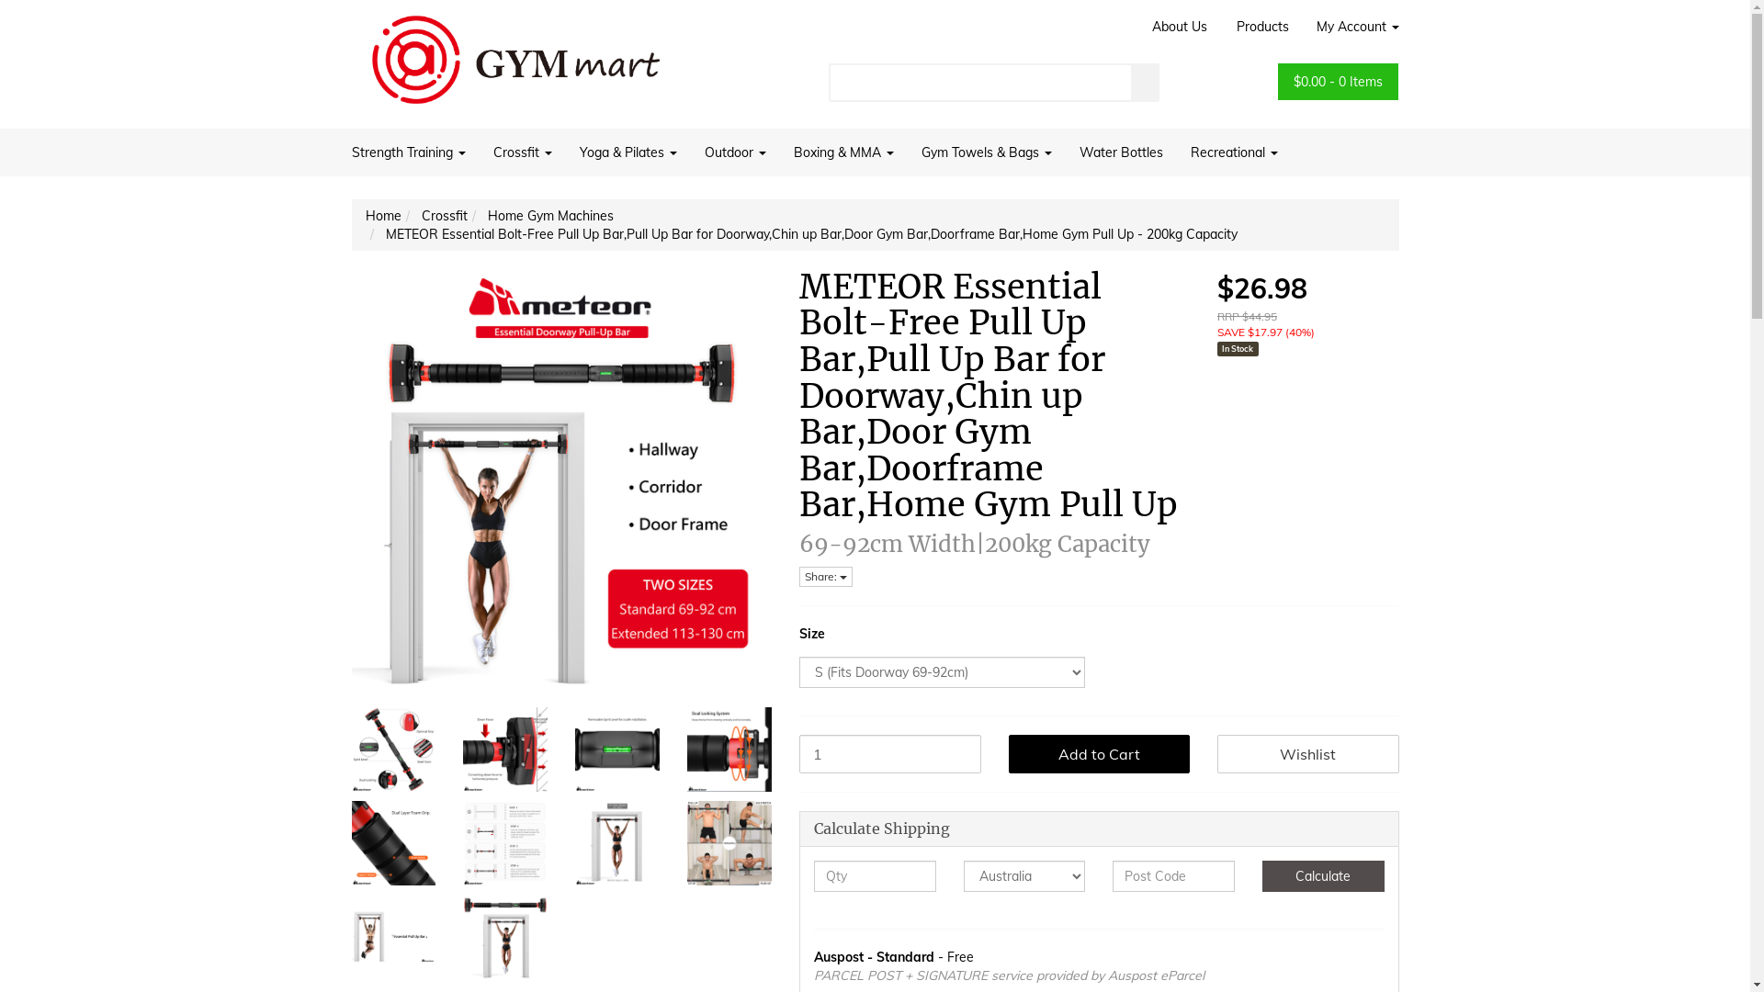 The width and height of the screenshot is (1764, 992). What do you see at coordinates (986, 151) in the screenshot?
I see `'Gym Towels & Bags'` at bounding box center [986, 151].